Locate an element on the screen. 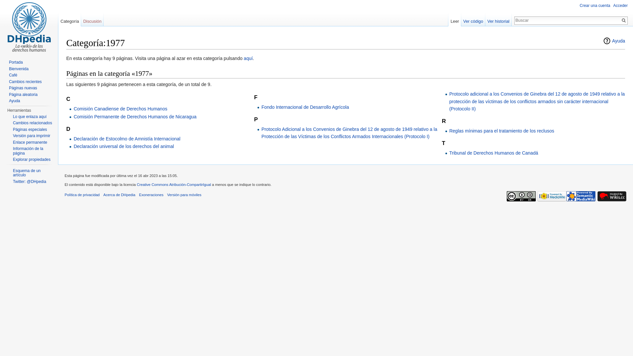 The image size is (633, 356). 'Cambios relacionados' is located at coordinates (32, 123).